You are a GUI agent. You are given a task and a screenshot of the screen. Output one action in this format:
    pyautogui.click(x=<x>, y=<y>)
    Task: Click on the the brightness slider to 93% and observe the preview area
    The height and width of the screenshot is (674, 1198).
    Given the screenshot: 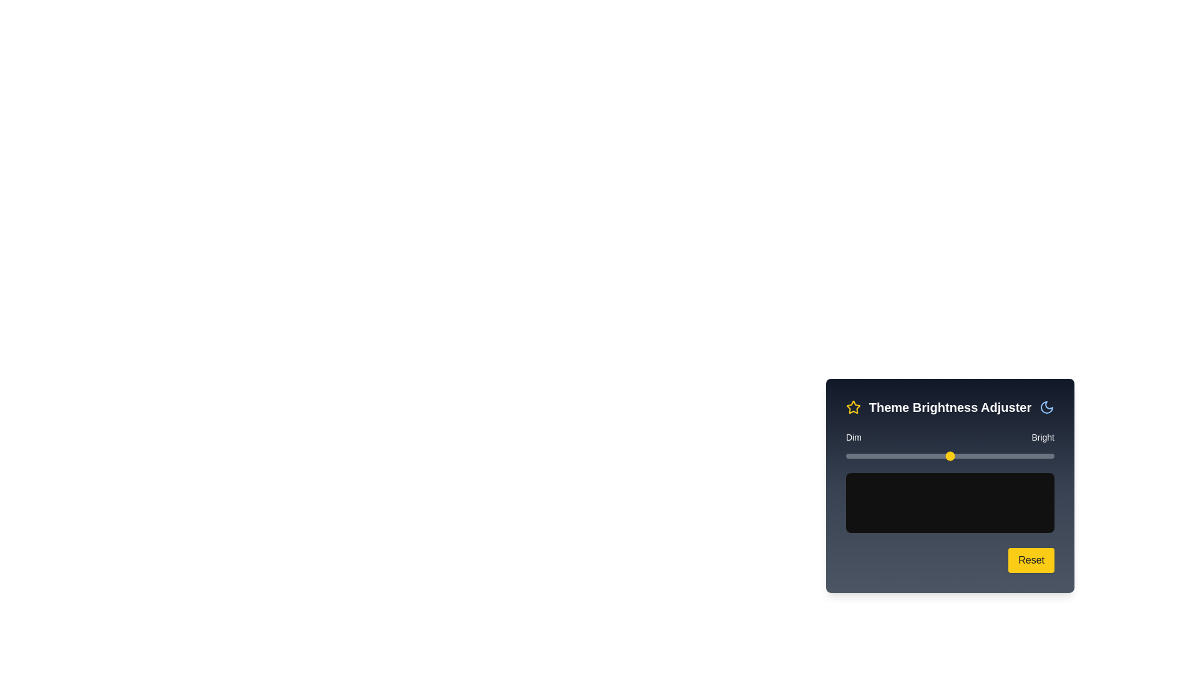 What is the action you would take?
    pyautogui.click(x=1040, y=456)
    